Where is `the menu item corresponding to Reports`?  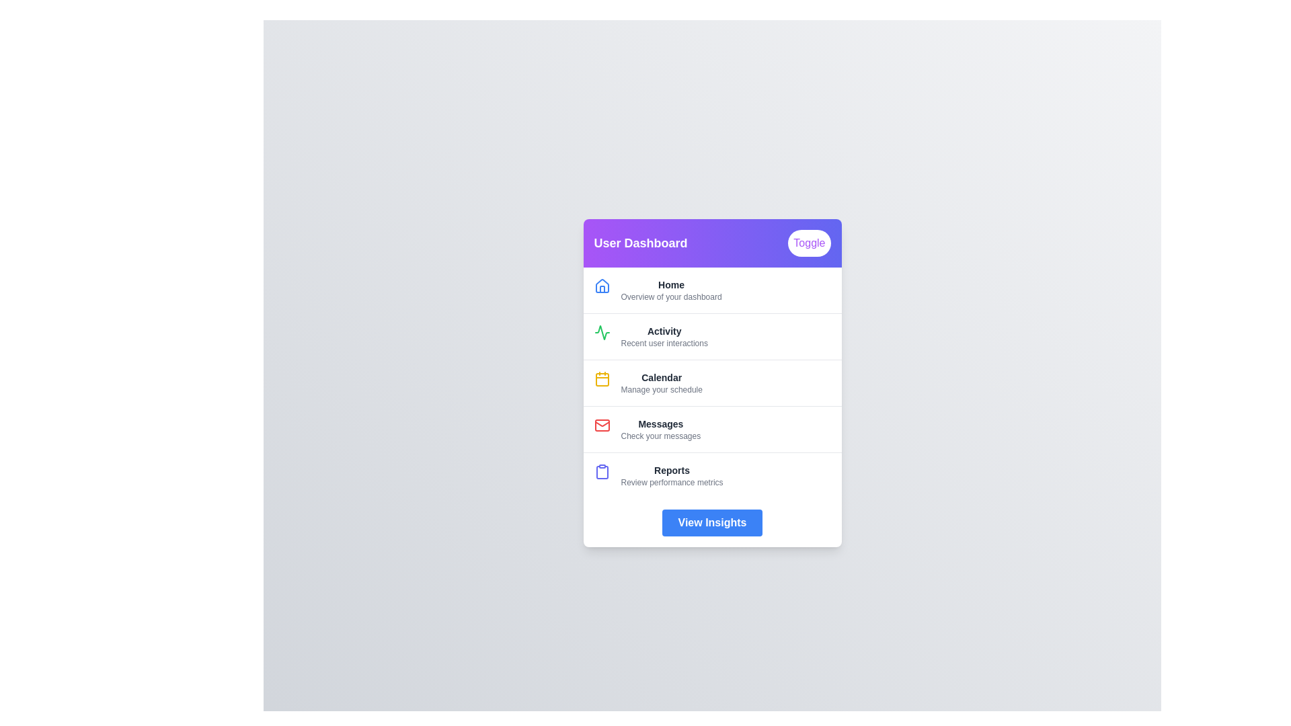
the menu item corresponding to Reports is located at coordinates (672, 475).